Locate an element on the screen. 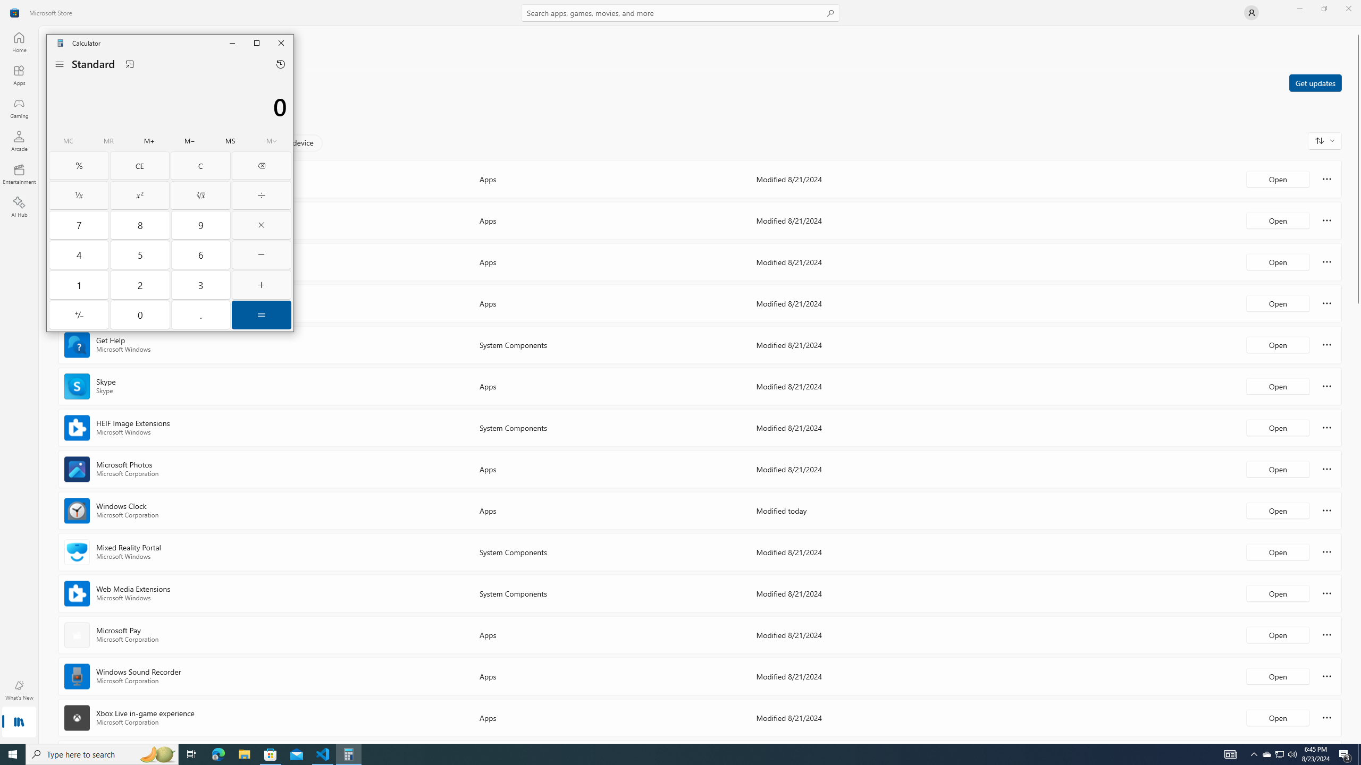 The image size is (1361, 765). 'Three' is located at coordinates (201, 285).